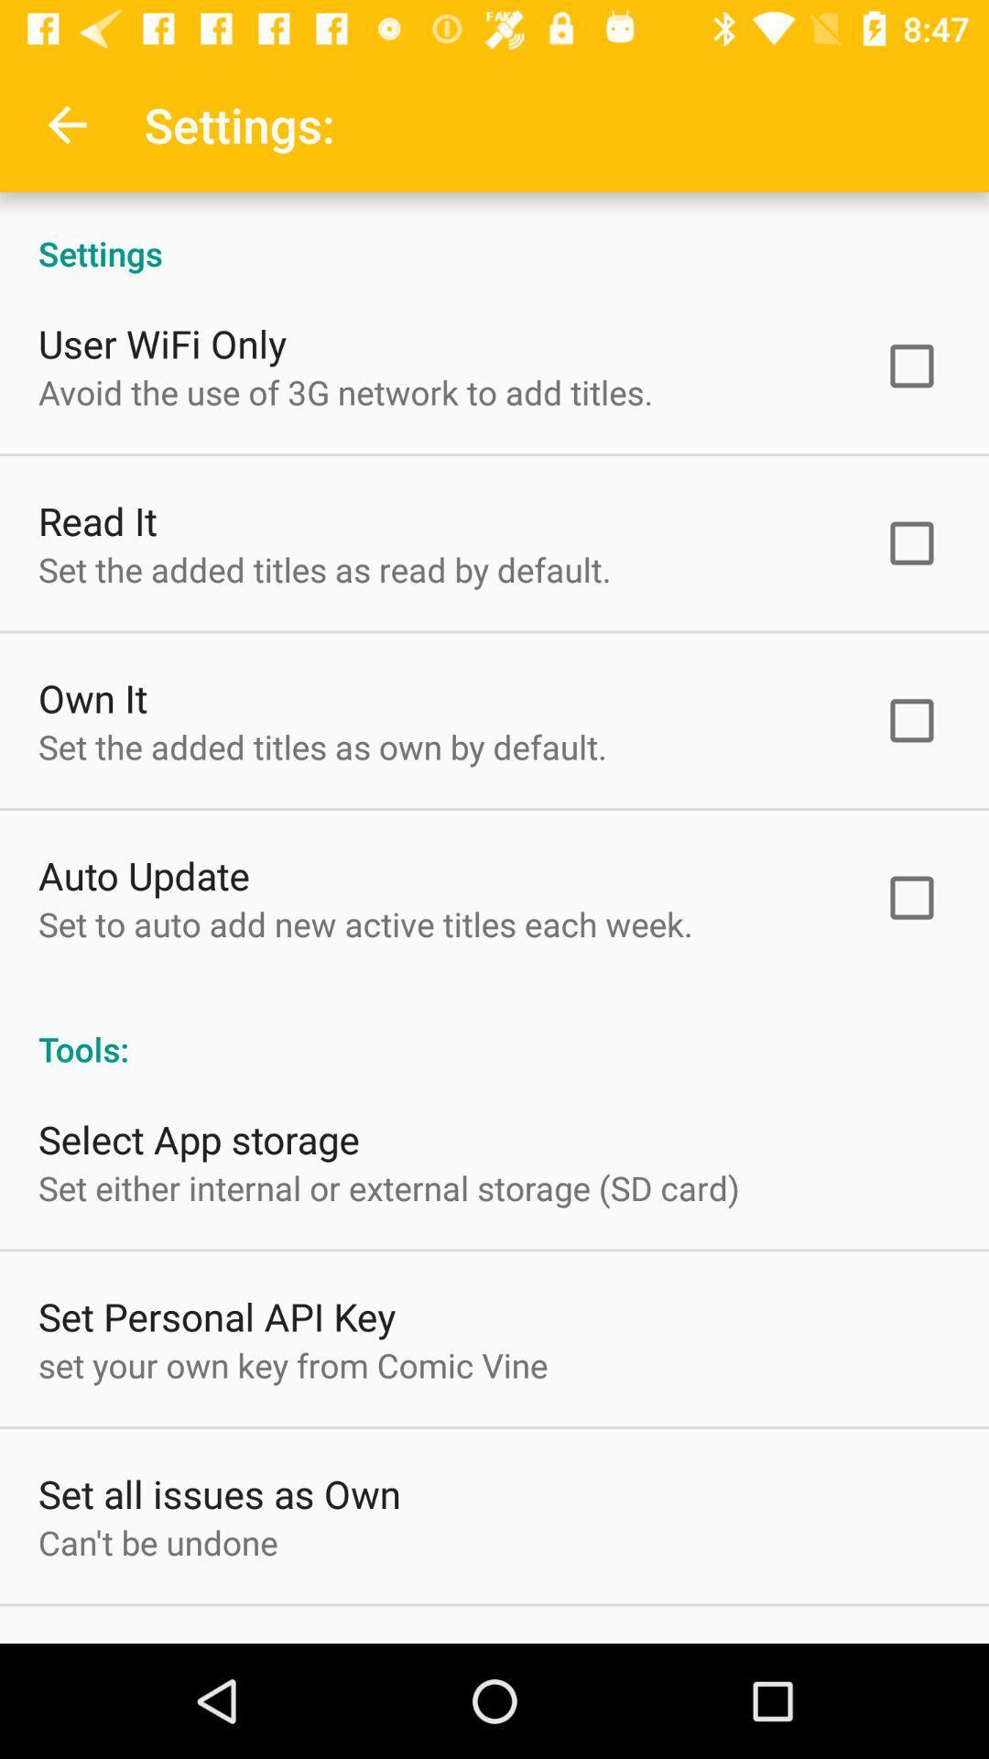  I want to click on set personal api, so click(216, 1315).